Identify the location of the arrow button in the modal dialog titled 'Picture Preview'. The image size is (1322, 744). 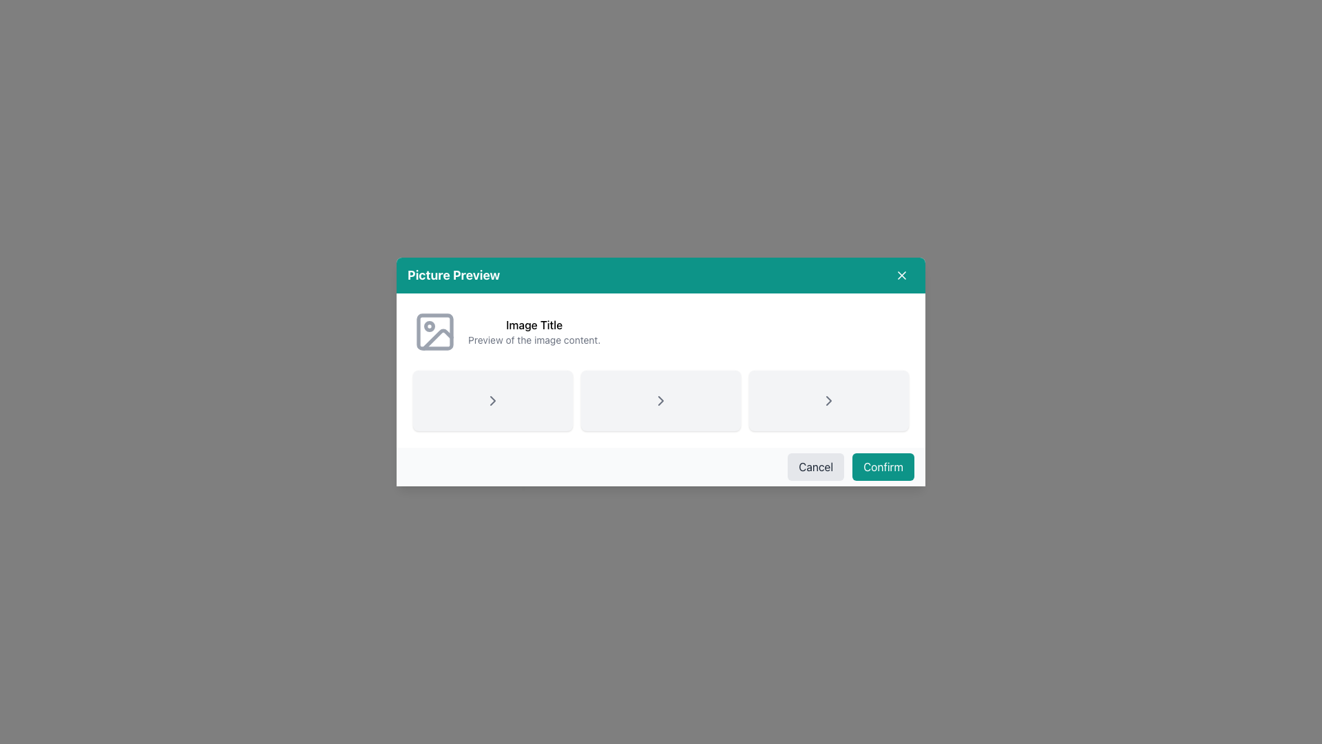
(661, 372).